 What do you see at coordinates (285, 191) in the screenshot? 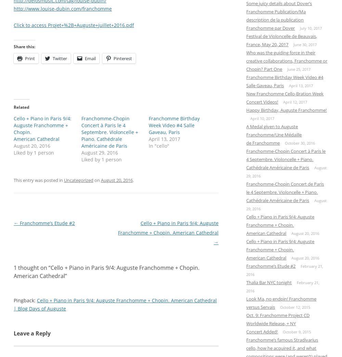
I see `'Franchomme-Chopin Concert de Paris le 4 Septembre. Violoncelle + Piano. Cathédrale Américaine de Paris'` at bounding box center [285, 191].